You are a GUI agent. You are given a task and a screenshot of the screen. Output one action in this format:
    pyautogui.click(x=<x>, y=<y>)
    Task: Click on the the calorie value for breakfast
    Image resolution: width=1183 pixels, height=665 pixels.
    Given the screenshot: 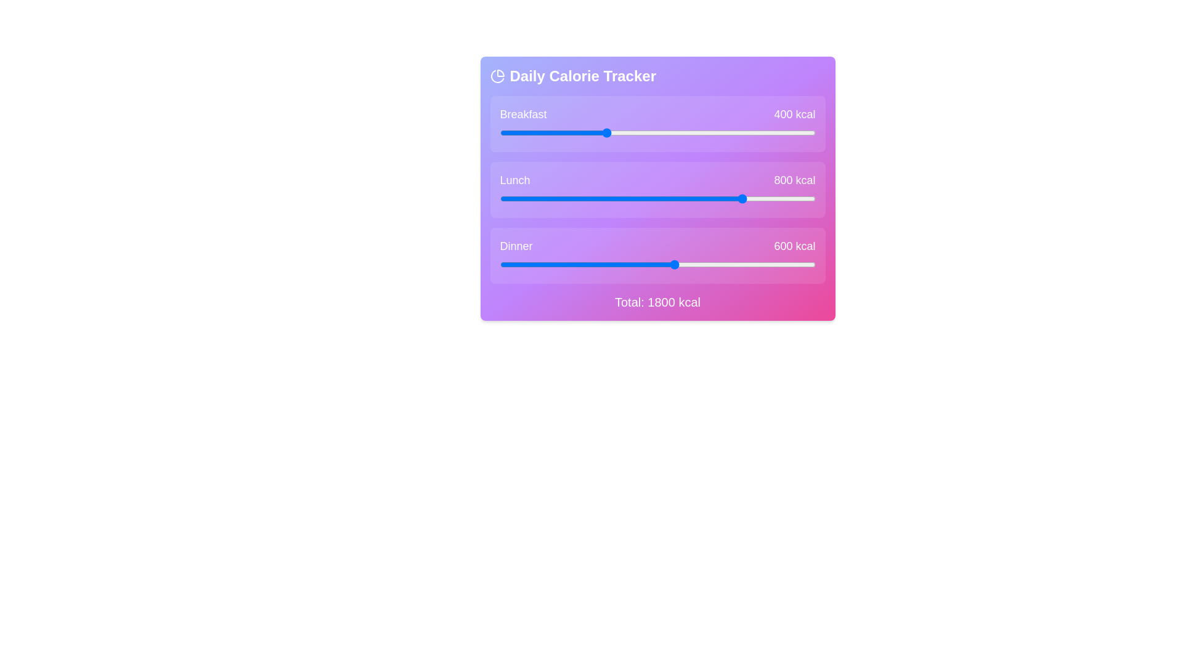 What is the action you would take?
    pyautogui.click(x=692, y=133)
    